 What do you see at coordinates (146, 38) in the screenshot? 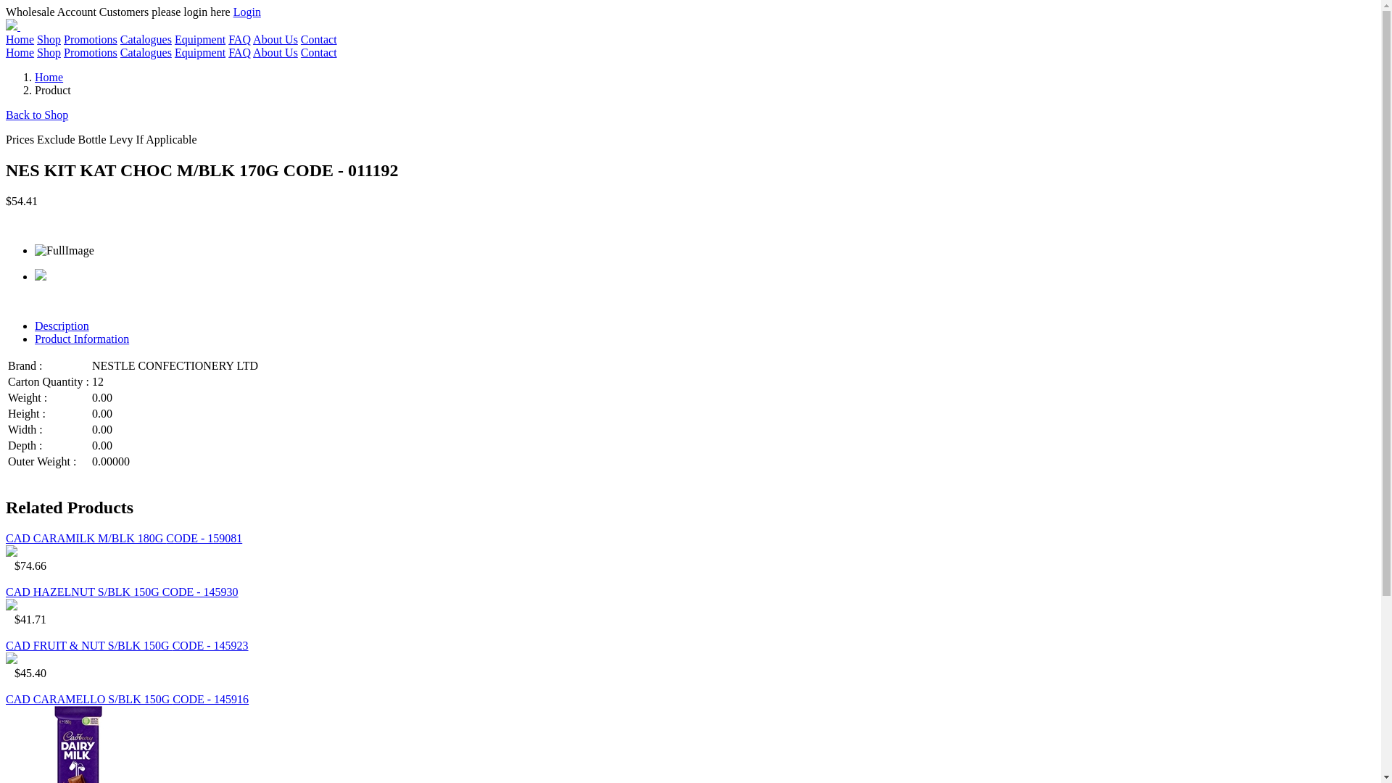
I see `'Catalogues'` at bounding box center [146, 38].